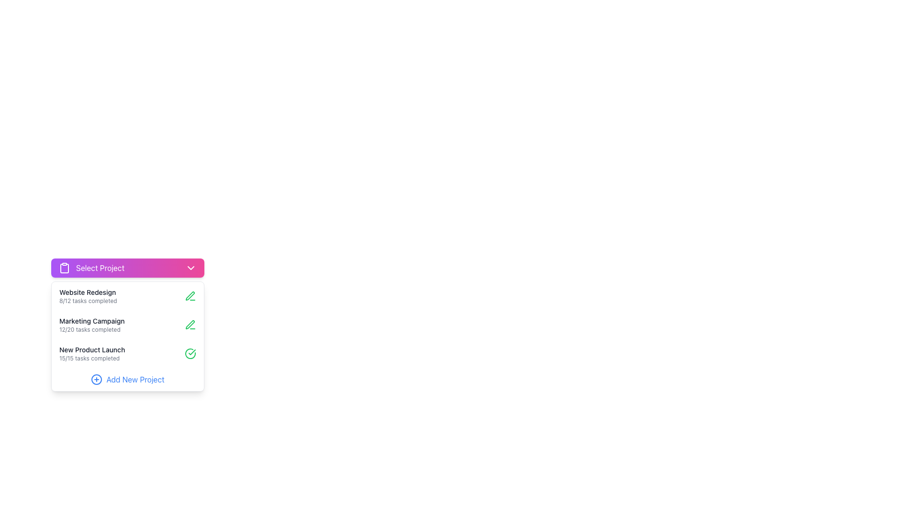 This screenshot has height=517, width=919. Describe the element at coordinates (88, 292) in the screenshot. I see `the 'Website Redesign' Text Label element displayed in a small font size with medium weight and black text color located at the top left of the project selection dropdown menu` at that location.